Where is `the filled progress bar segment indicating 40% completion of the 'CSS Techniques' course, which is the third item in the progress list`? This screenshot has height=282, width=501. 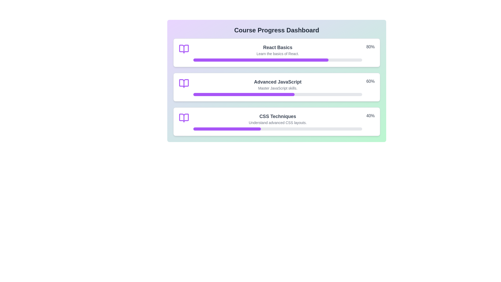 the filled progress bar segment indicating 40% completion of the 'CSS Techniques' course, which is the third item in the progress list is located at coordinates (227, 129).